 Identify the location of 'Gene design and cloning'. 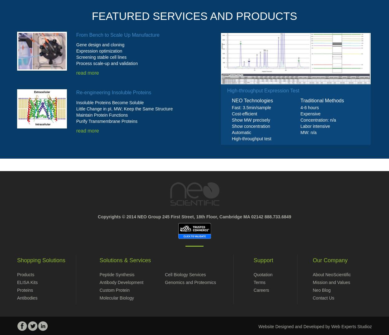
(100, 44).